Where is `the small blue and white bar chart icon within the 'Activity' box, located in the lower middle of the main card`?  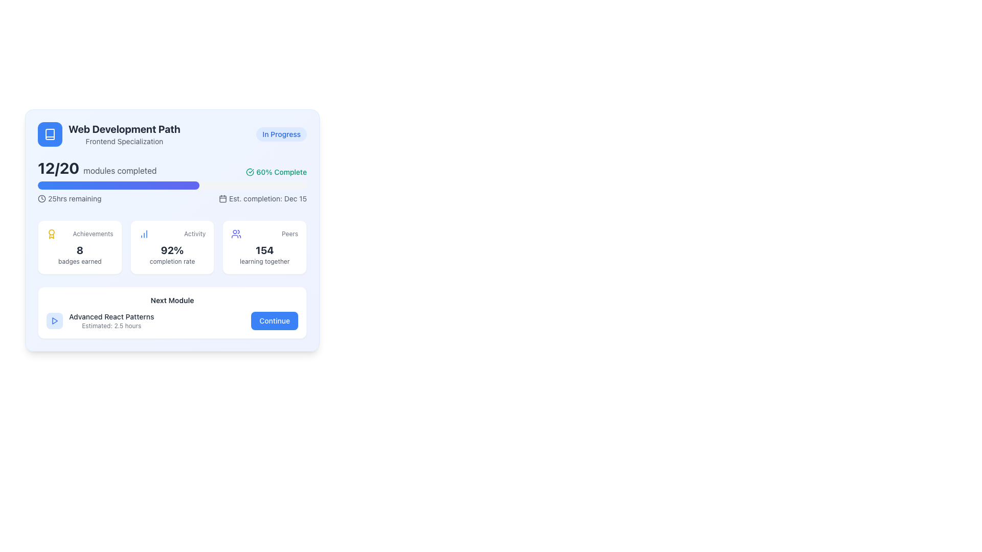 the small blue and white bar chart icon within the 'Activity' box, located in the lower middle of the main card is located at coordinates (143, 234).